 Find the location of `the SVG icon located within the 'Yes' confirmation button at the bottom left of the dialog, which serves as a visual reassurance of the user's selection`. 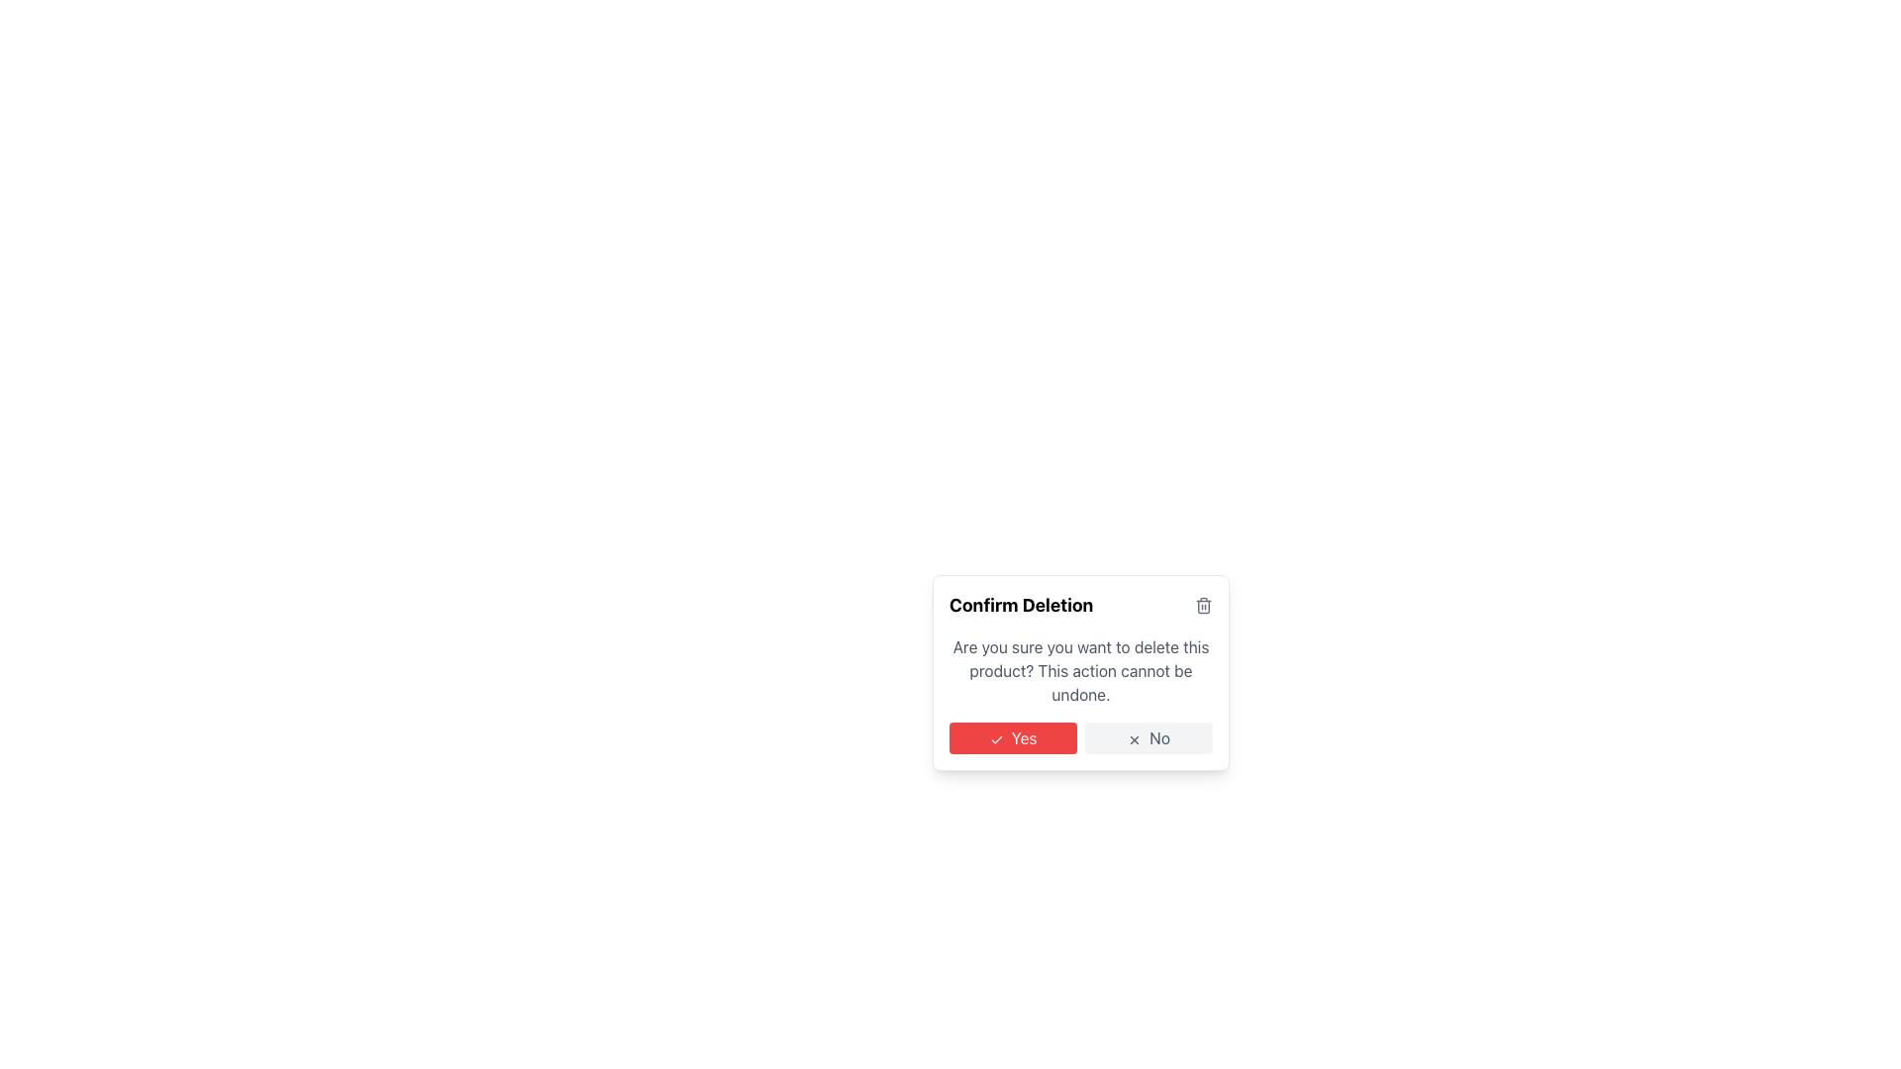

the SVG icon located within the 'Yes' confirmation button at the bottom left of the dialog, which serves as a visual reassurance of the user's selection is located at coordinates (996, 739).